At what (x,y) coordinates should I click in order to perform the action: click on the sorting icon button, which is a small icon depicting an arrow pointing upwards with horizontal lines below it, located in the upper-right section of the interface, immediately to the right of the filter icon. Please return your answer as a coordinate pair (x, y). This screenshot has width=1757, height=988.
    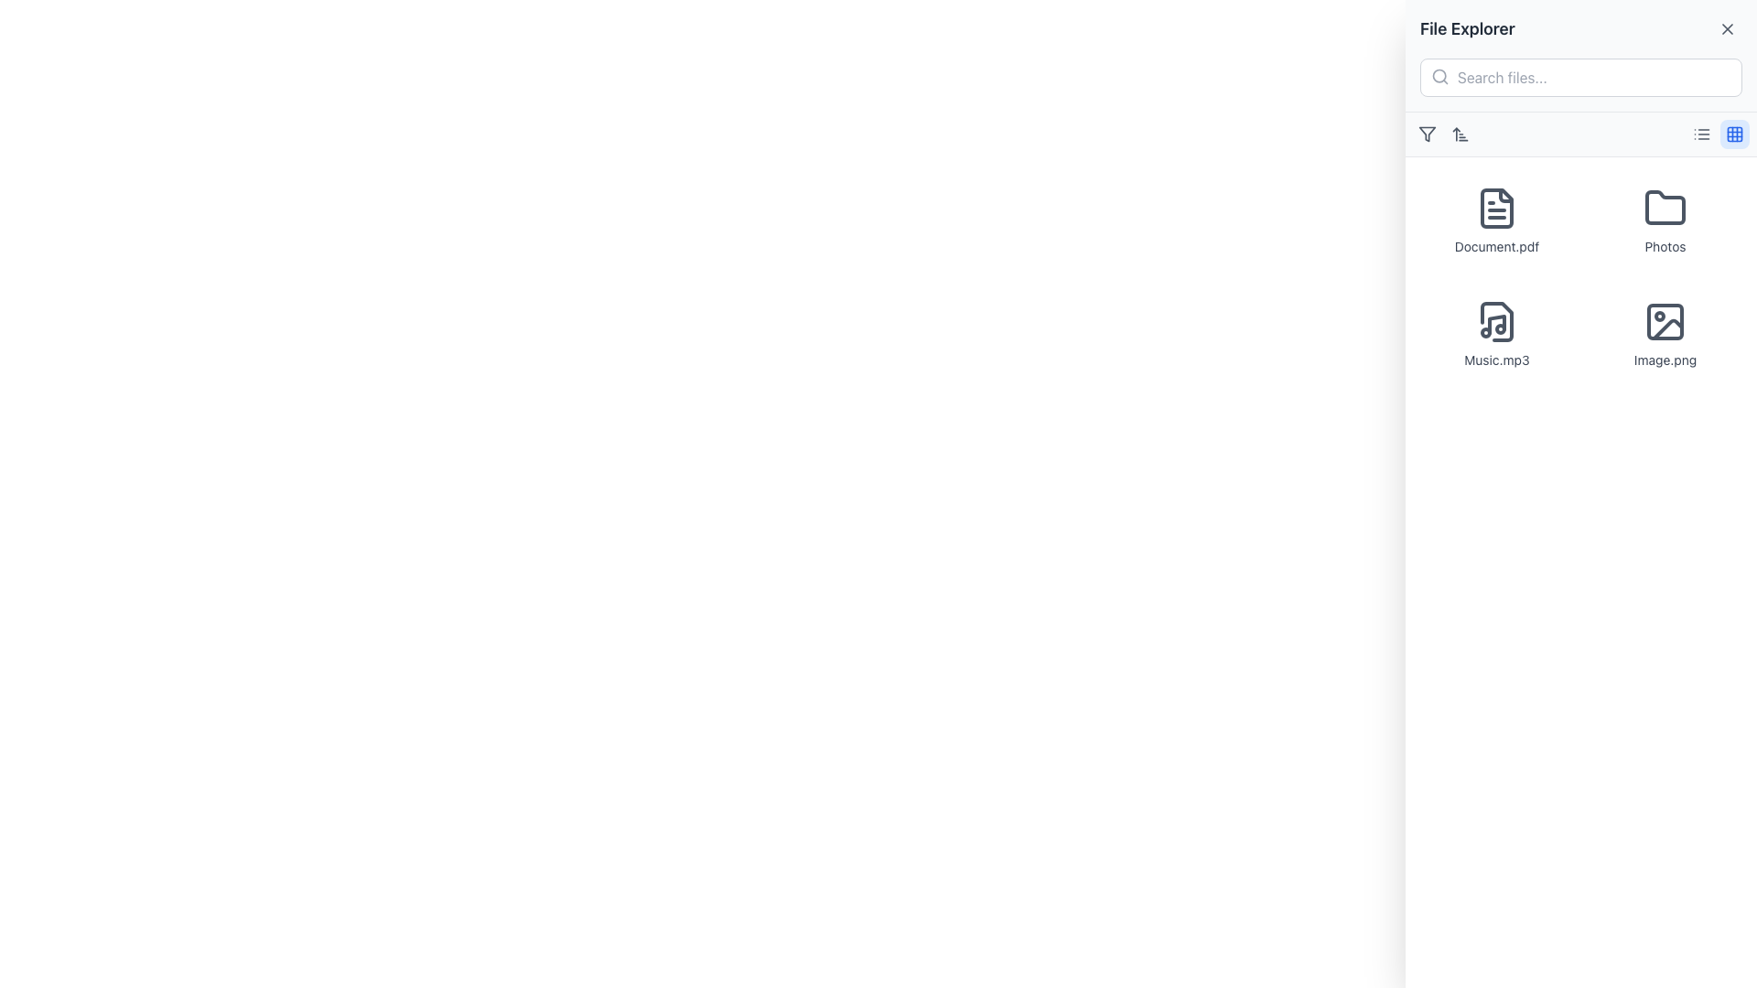
    Looking at the image, I should click on (1460, 133).